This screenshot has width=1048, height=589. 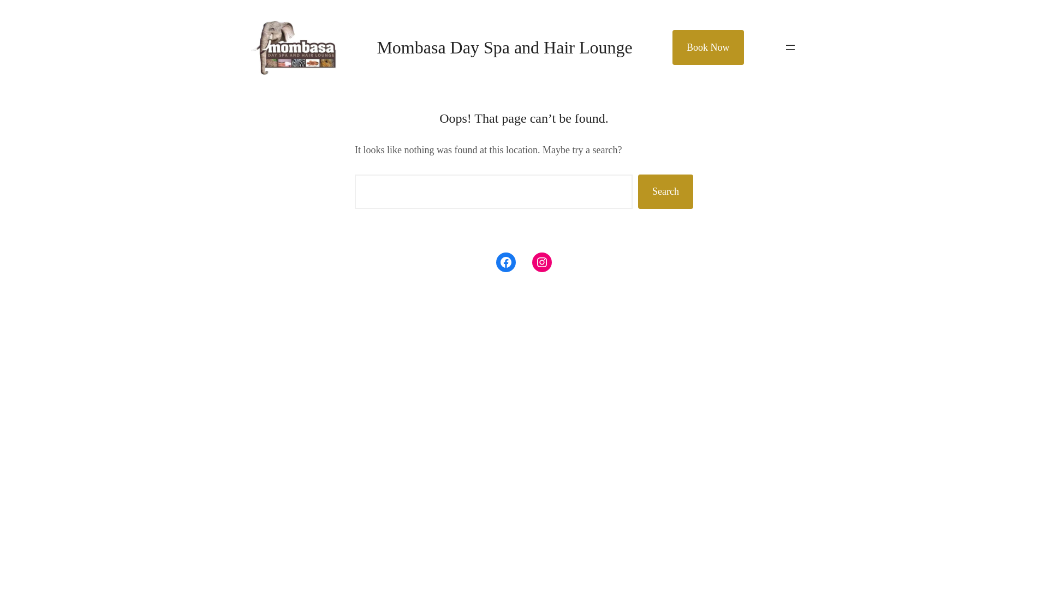 I want to click on 'Search', so click(x=638, y=191).